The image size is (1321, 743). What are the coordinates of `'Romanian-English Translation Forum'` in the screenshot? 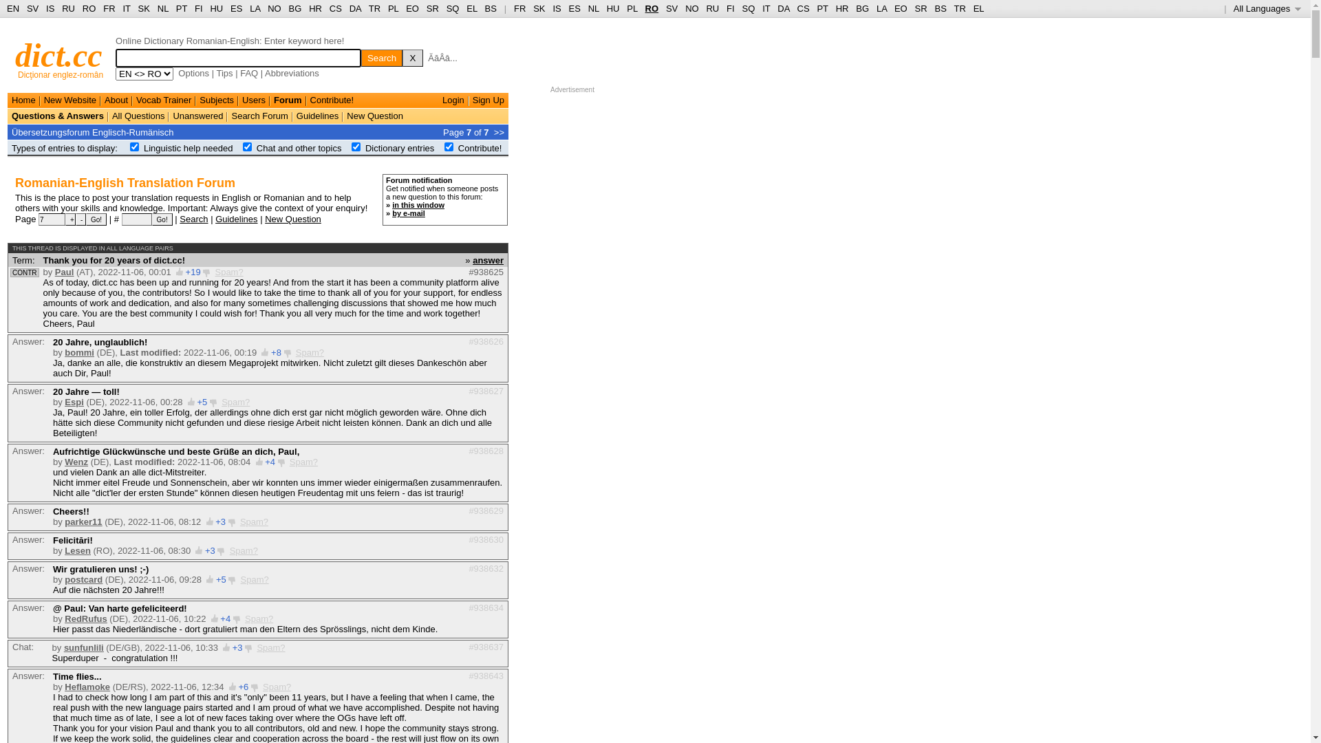 It's located at (125, 182).